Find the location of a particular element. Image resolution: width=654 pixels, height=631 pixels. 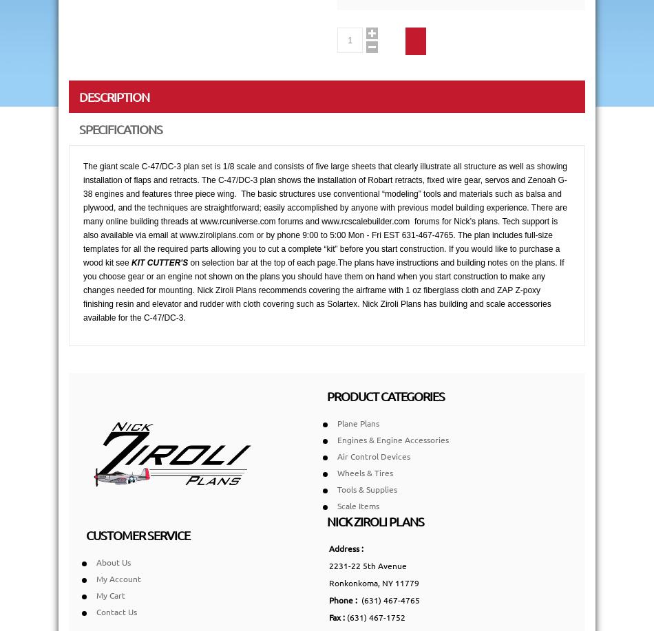

'KIT CUTTER'S' is located at coordinates (159, 262).